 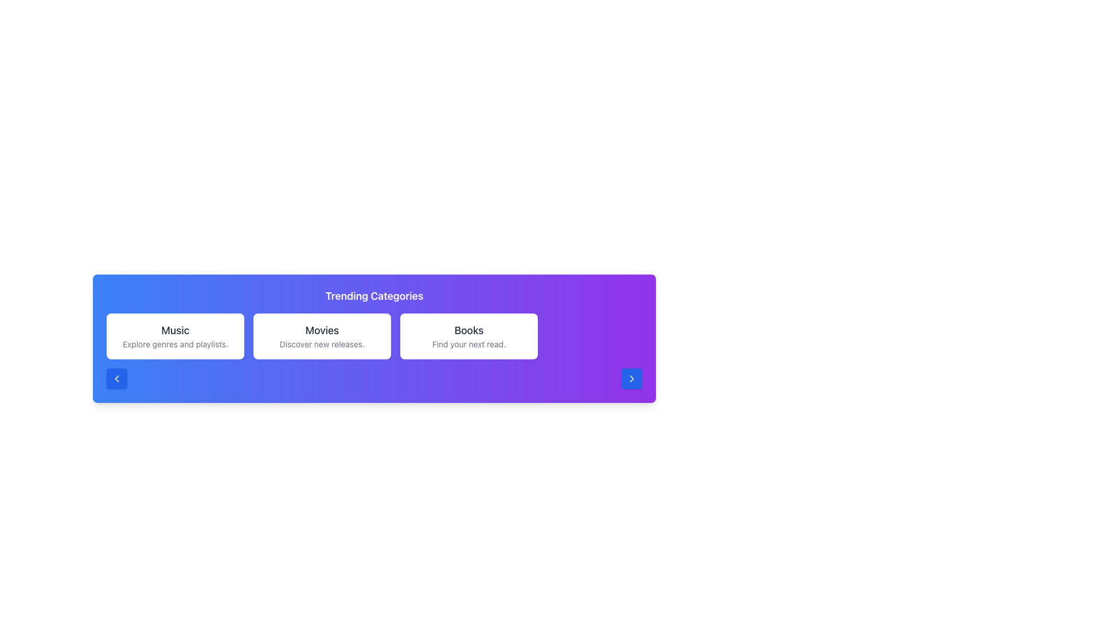 I want to click on the left chevron icon button, which is a blue square with rounded edges and a white chevron arrow, located at the bottom-left corner of the gradient box, so click(x=116, y=378).